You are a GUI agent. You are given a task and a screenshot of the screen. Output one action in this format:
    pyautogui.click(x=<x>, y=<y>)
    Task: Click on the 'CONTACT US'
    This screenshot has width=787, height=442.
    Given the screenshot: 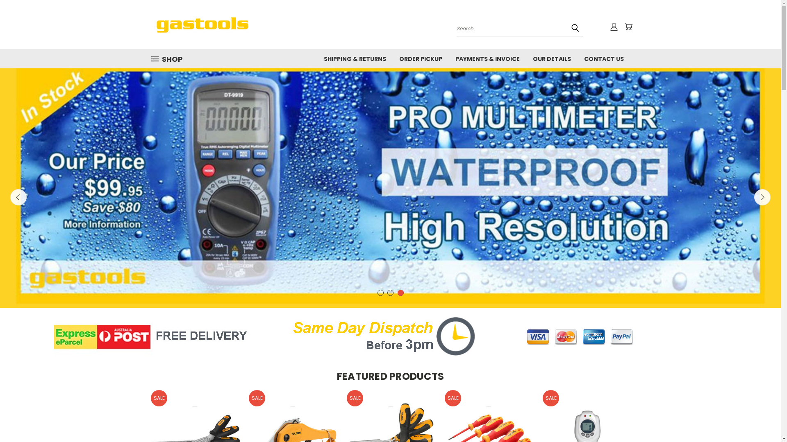 What is the action you would take?
    pyautogui.click(x=603, y=58)
    